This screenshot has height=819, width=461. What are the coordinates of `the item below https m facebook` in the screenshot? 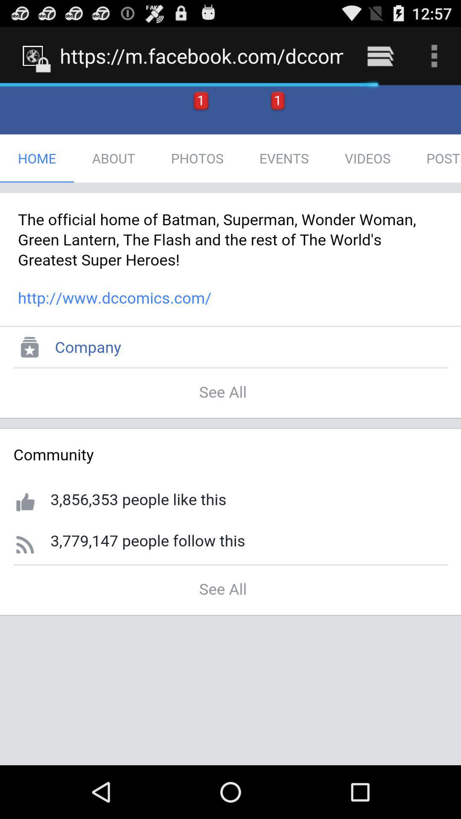 It's located at (230, 425).